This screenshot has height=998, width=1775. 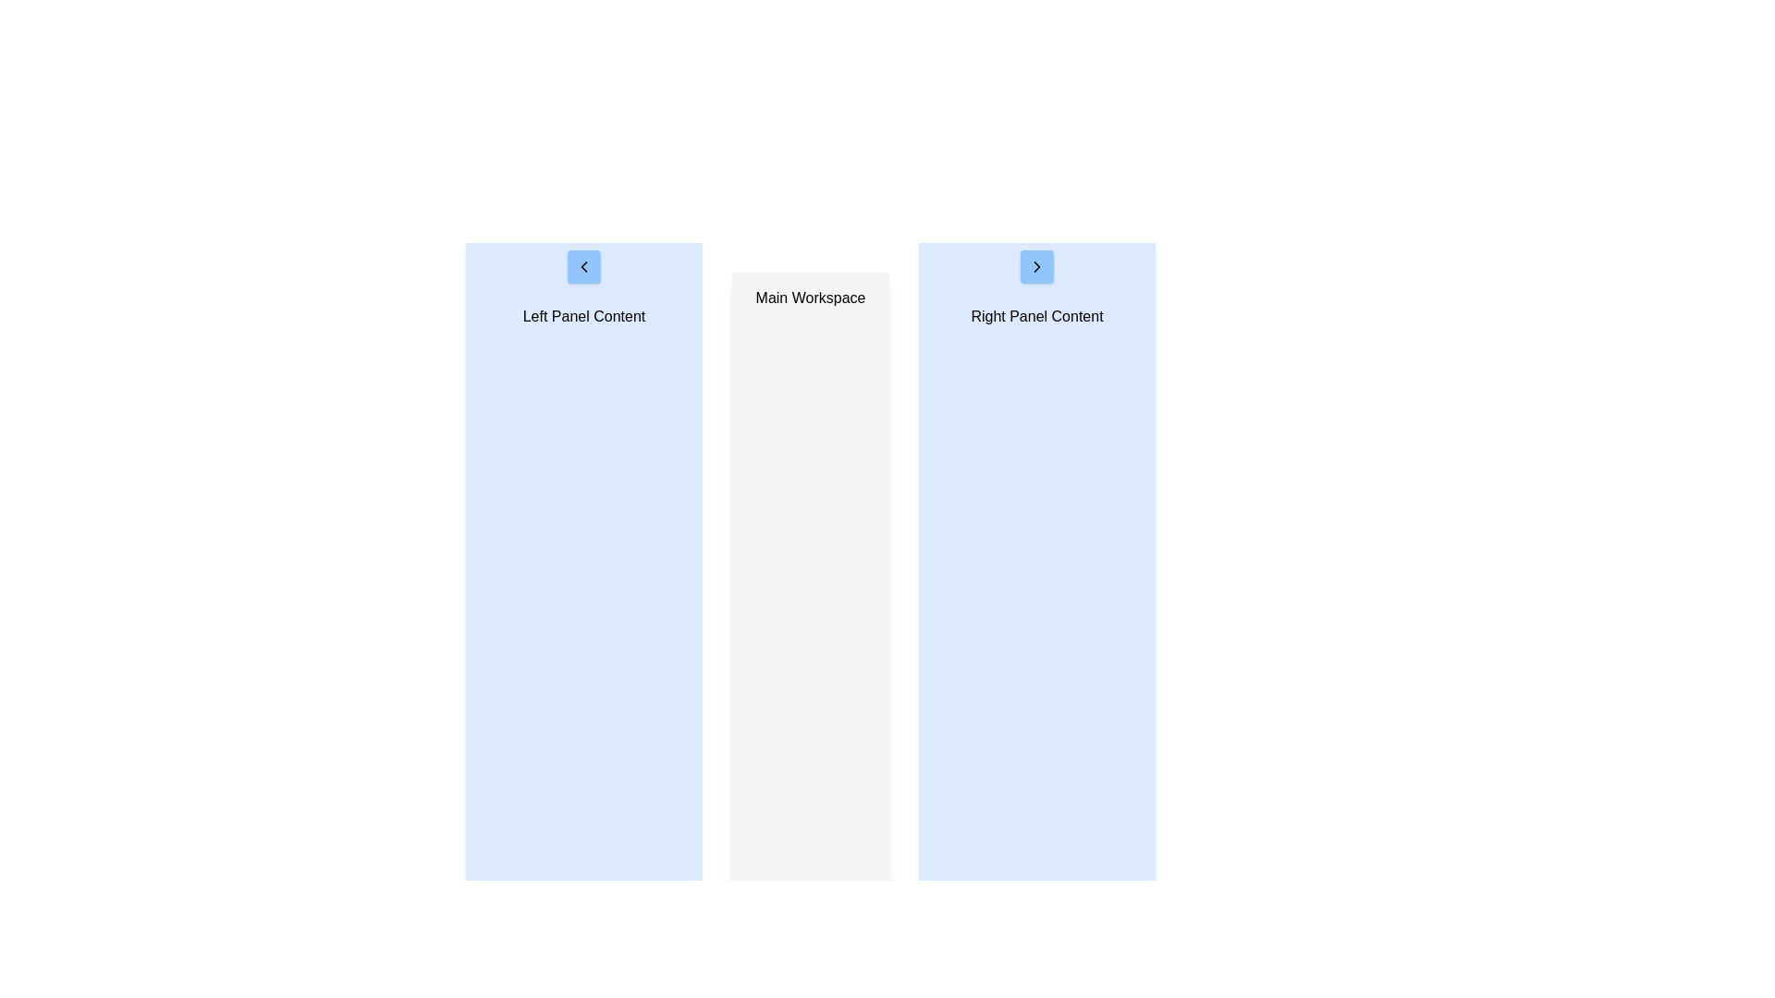 What do you see at coordinates (1037, 267) in the screenshot?
I see `the navigational icon located in the upper section of the right panel, which is part of a blue background element` at bounding box center [1037, 267].